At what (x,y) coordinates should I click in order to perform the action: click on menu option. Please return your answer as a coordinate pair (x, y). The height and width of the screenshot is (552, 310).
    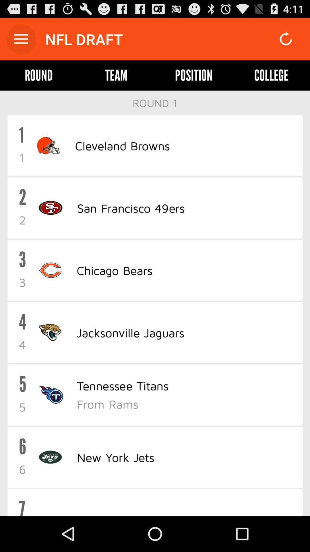
    Looking at the image, I should click on (21, 39).